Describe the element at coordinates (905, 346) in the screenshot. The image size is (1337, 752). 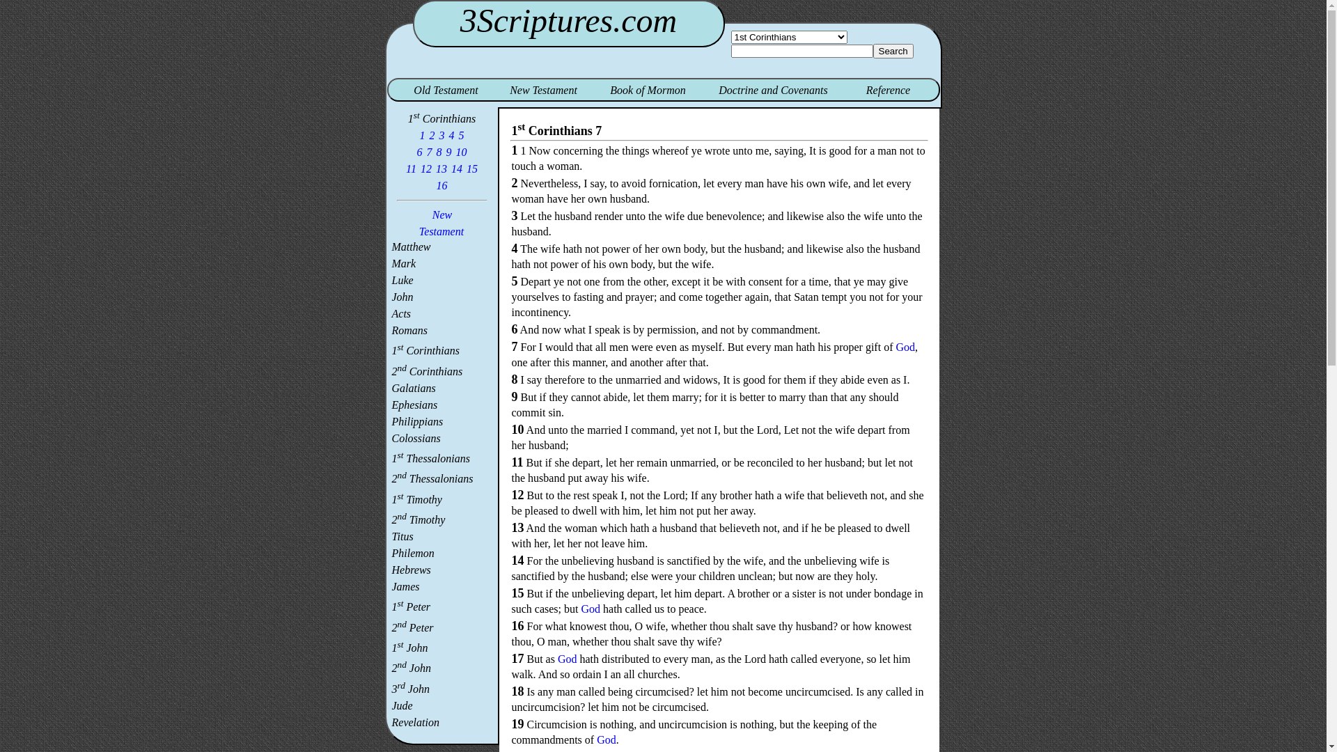
I see `'God'` at that location.